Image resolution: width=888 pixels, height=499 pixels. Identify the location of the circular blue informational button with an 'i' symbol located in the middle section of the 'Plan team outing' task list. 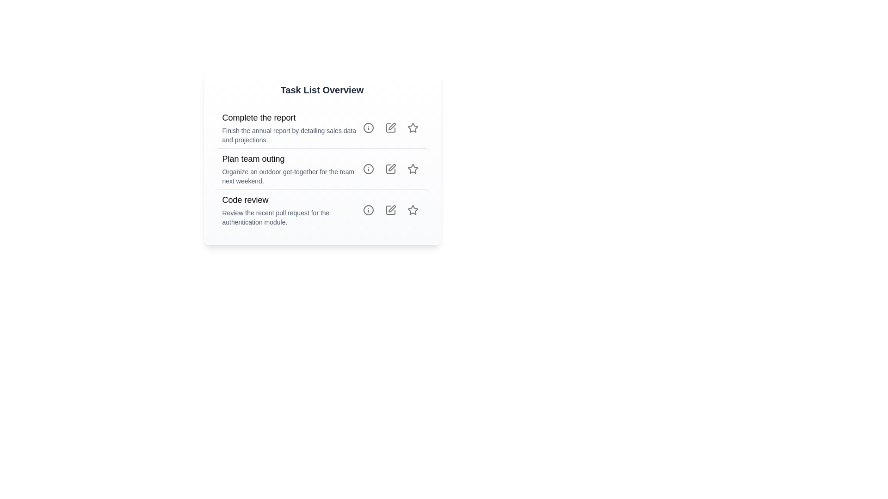
(368, 169).